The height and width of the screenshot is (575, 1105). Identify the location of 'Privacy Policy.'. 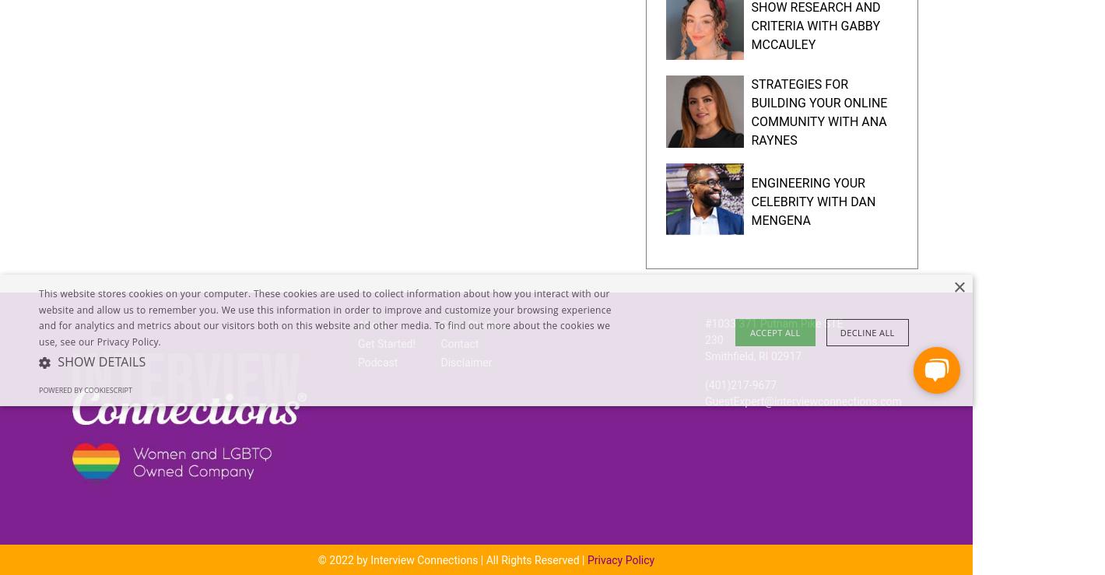
(95, 341).